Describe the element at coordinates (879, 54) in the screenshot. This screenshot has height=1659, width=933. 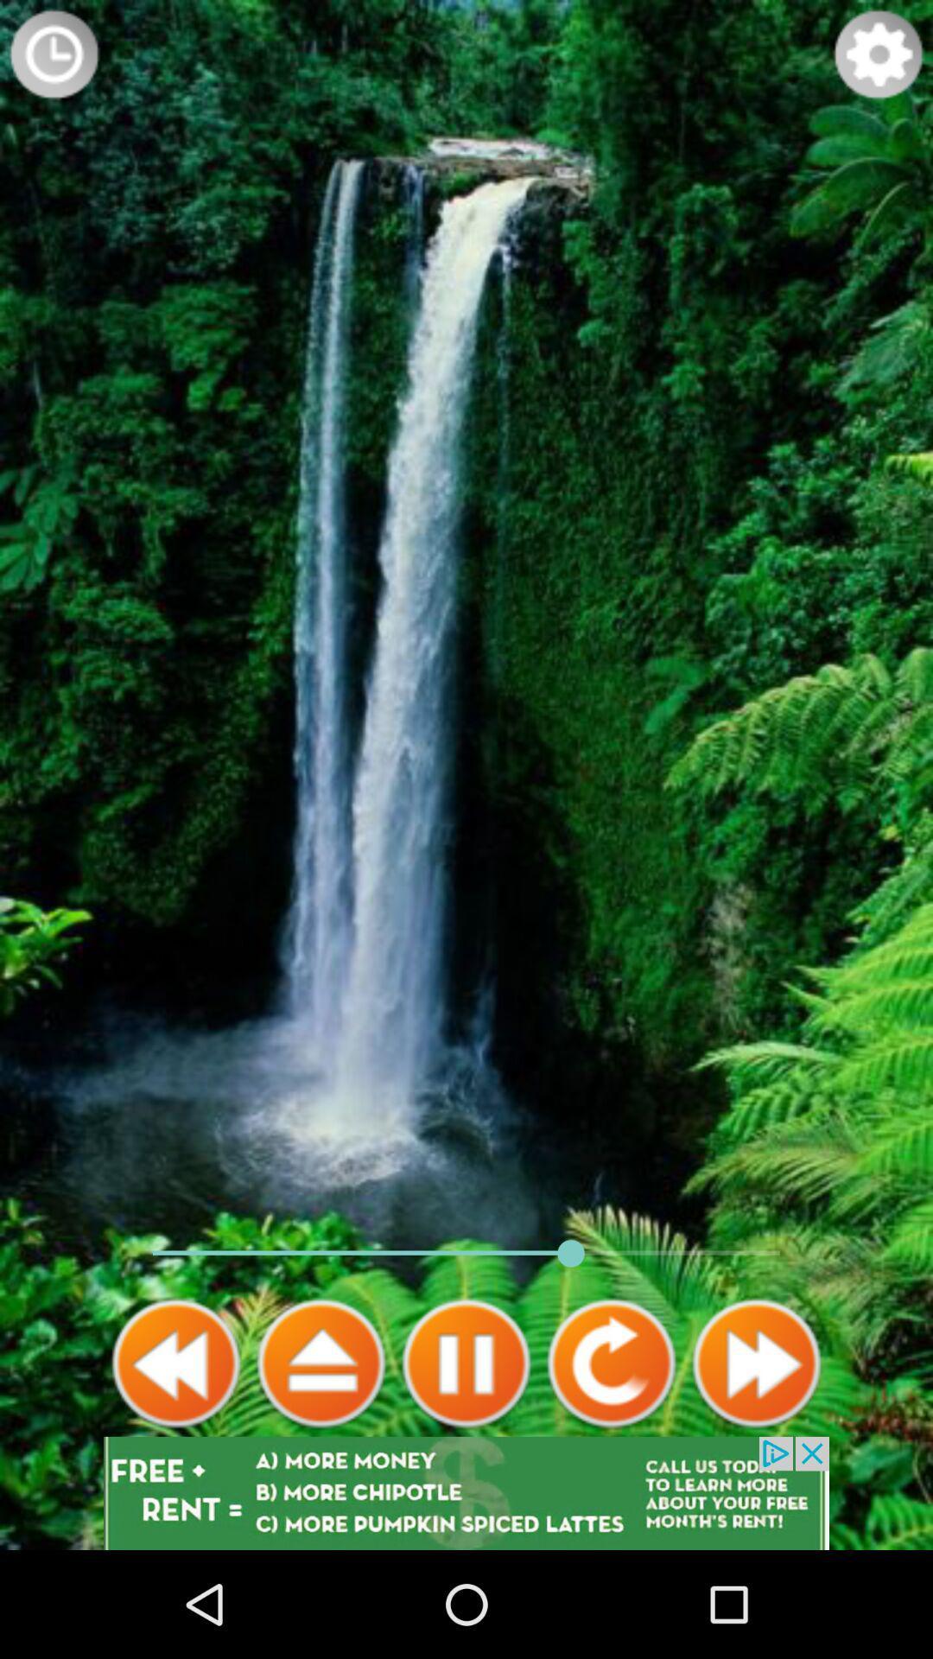
I see `settings` at that location.